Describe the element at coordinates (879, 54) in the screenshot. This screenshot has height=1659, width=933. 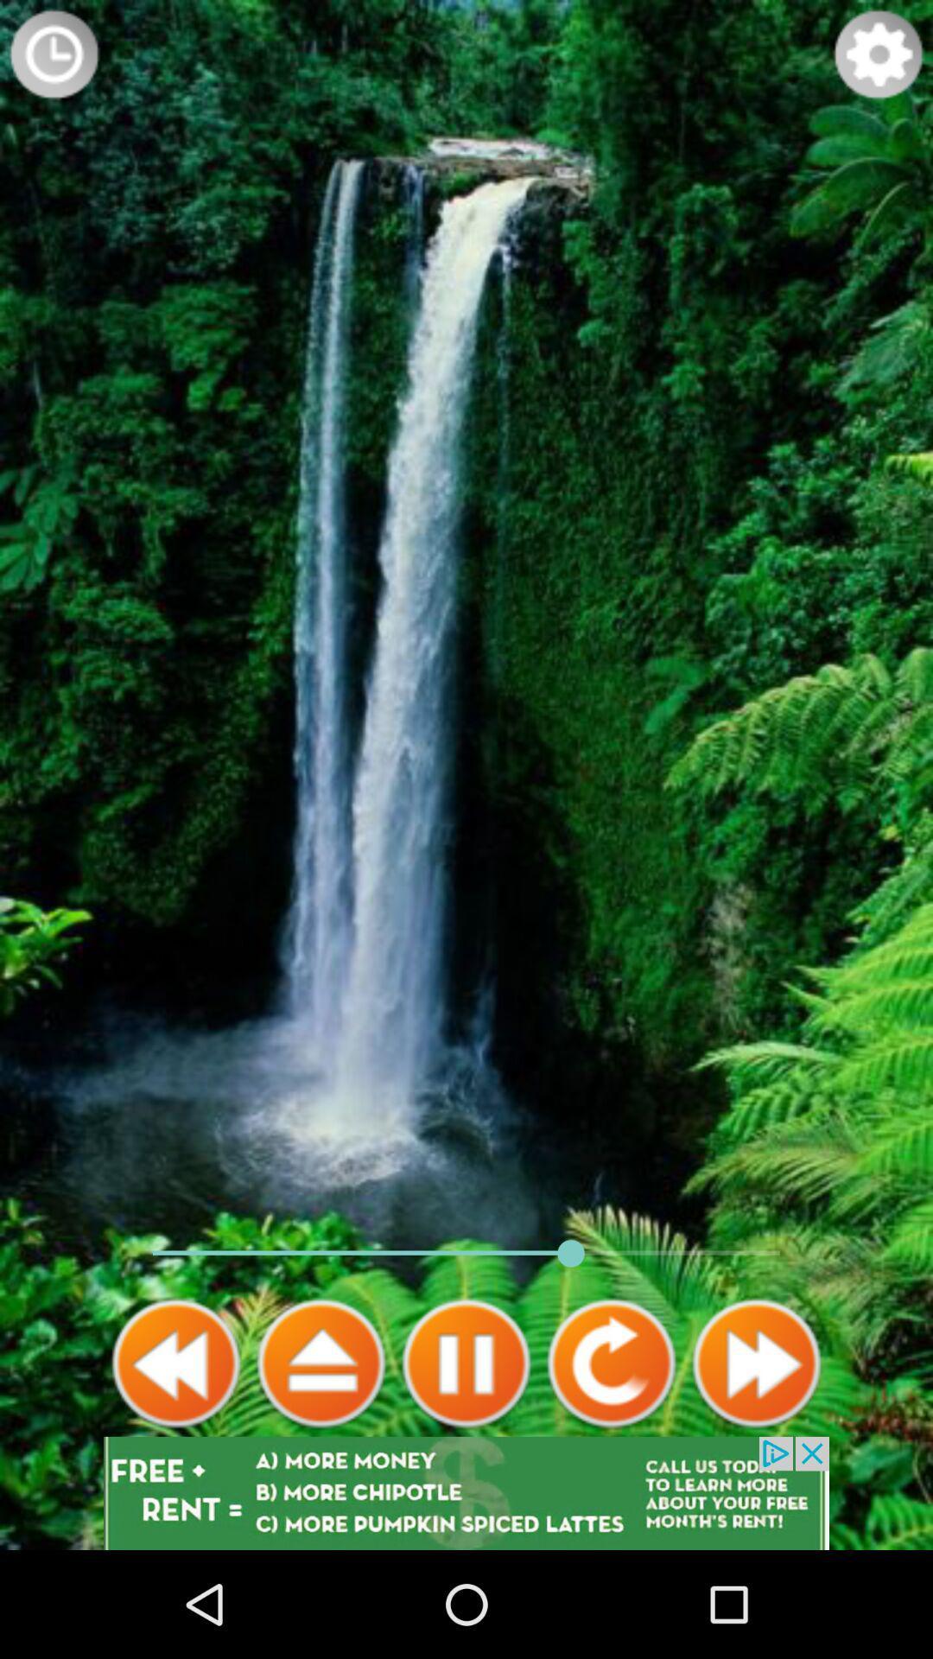
I see `settings` at that location.